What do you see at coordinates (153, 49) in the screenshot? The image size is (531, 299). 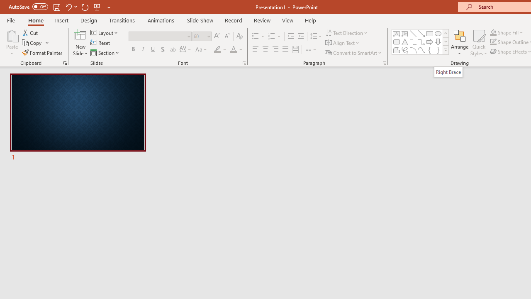 I see `'Underline'` at bounding box center [153, 49].